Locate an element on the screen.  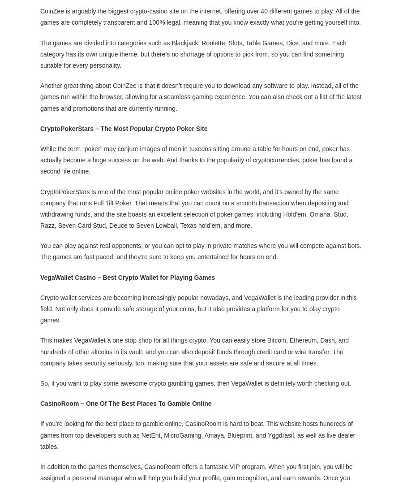
'CryptoPokerStars – The Most Popular Crypto Poker Site' is located at coordinates (124, 127).